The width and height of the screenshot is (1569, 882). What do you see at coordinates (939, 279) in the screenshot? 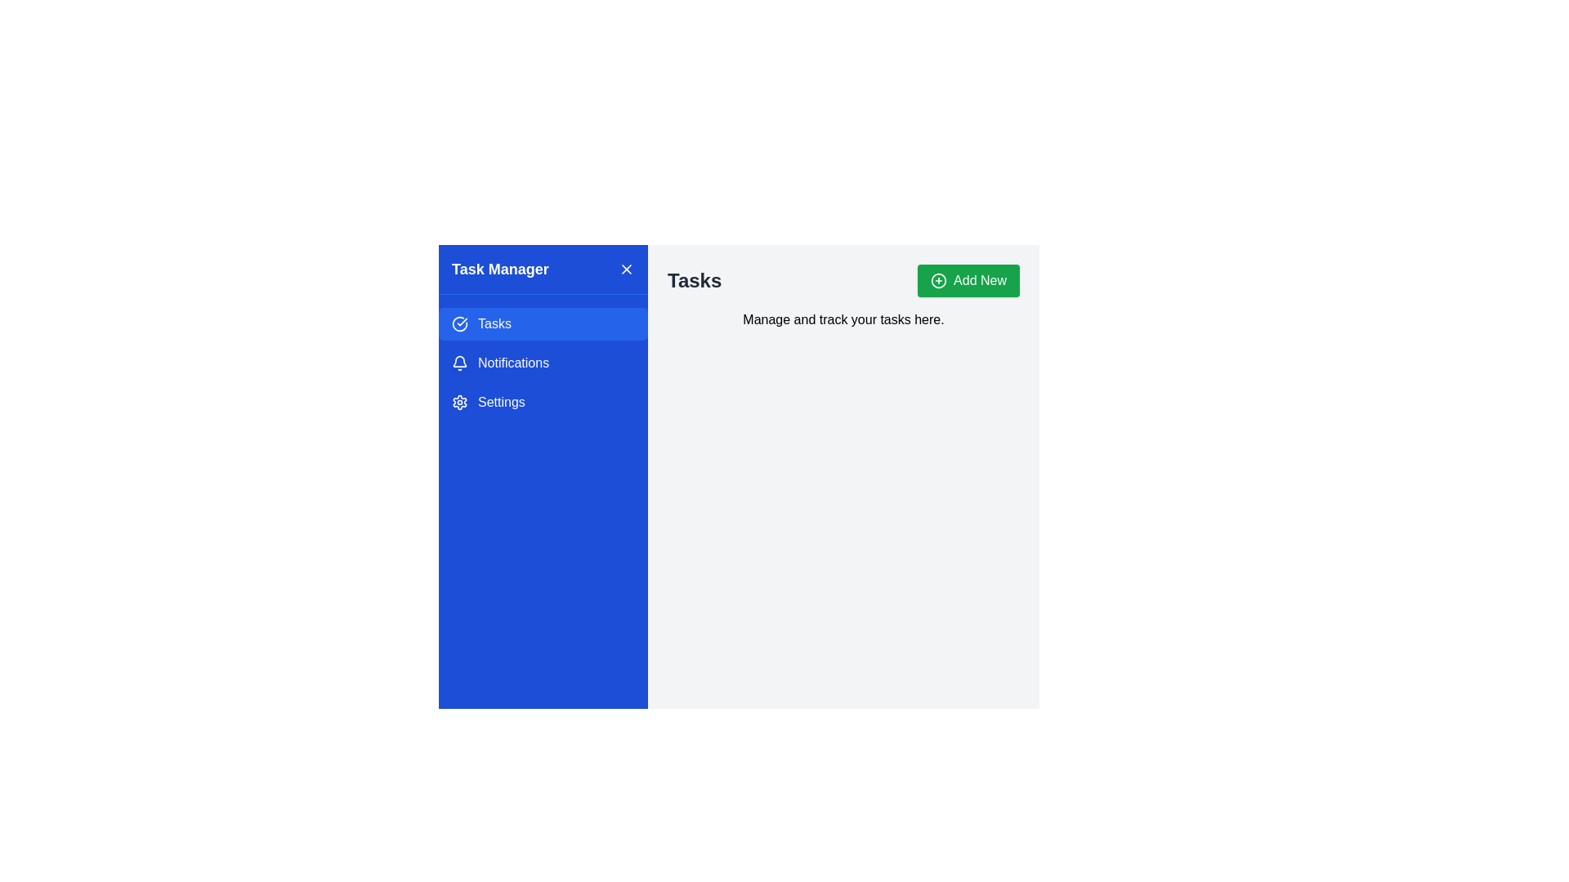
I see `the Icon (Circle component) representing the outer circular part of the 'Add New' button located in the top-right section of the interface` at bounding box center [939, 279].